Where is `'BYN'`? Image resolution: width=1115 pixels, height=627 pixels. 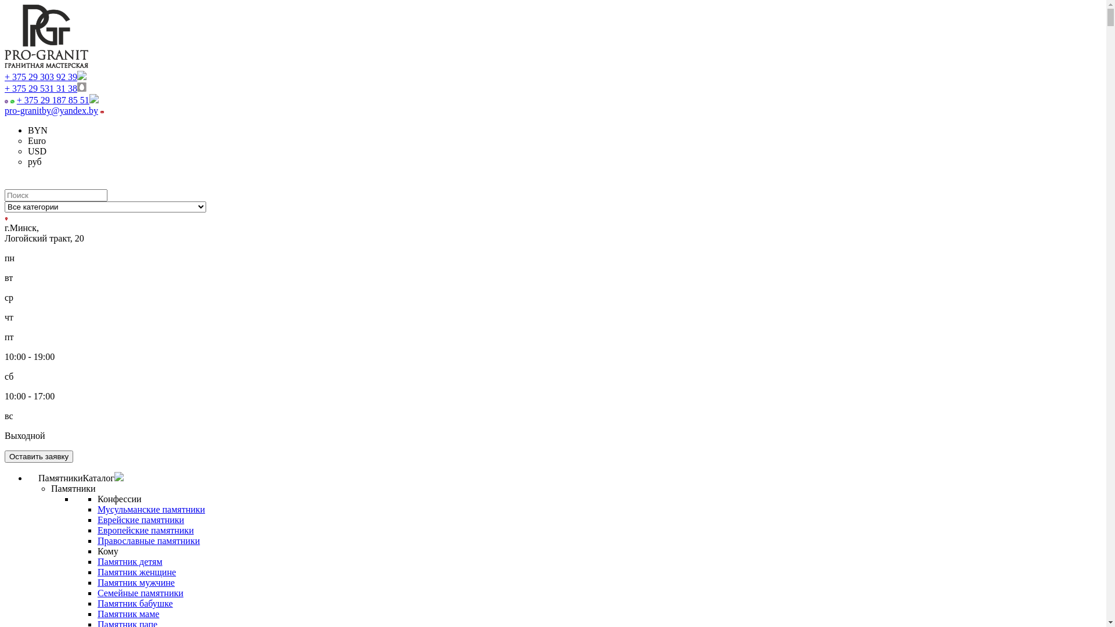
'BYN' is located at coordinates (28, 130).